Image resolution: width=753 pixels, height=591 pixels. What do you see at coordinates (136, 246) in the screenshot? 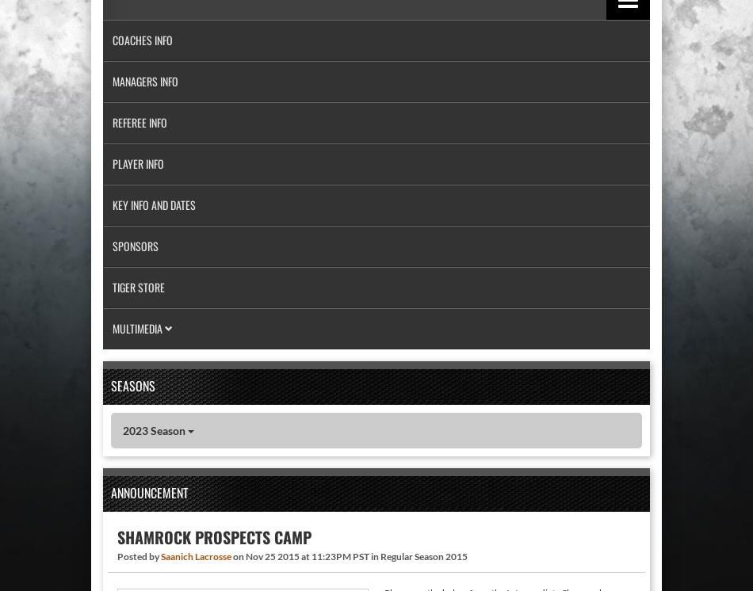
I see `'Sponsors'` at bounding box center [136, 246].